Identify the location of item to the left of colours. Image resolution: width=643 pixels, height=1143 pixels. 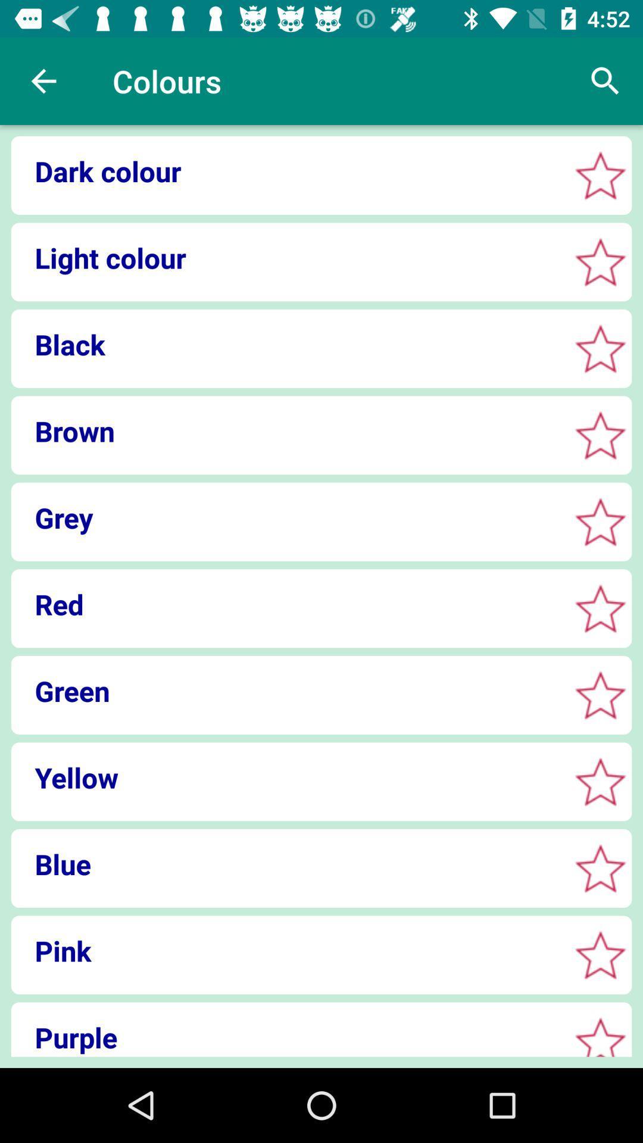
(43, 80).